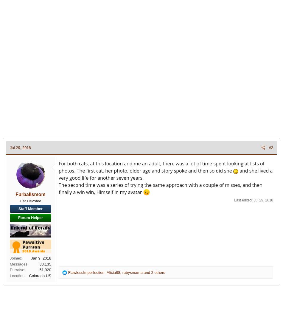 Image resolution: width=283 pixels, height=312 pixels. What do you see at coordinates (45, 270) in the screenshot?
I see `'51,920'` at bounding box center [45, 270].